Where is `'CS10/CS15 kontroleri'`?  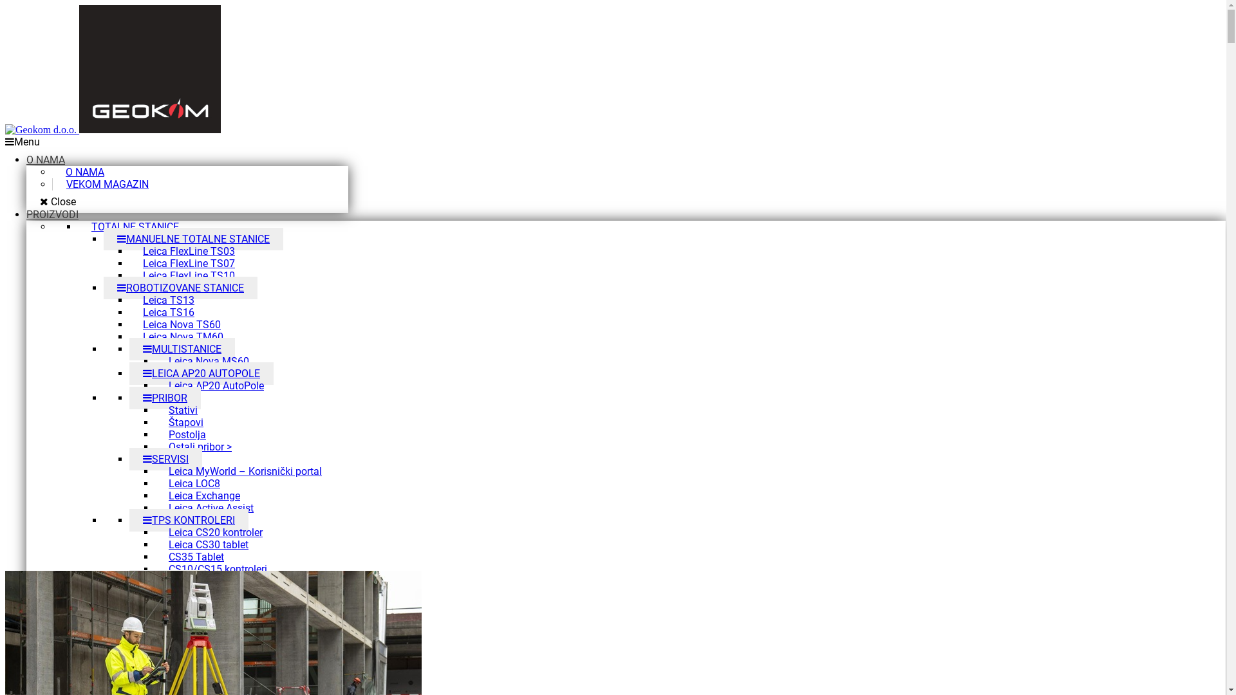 'CS10/CS15 kontroleri' is located at coordinates (218, 568).